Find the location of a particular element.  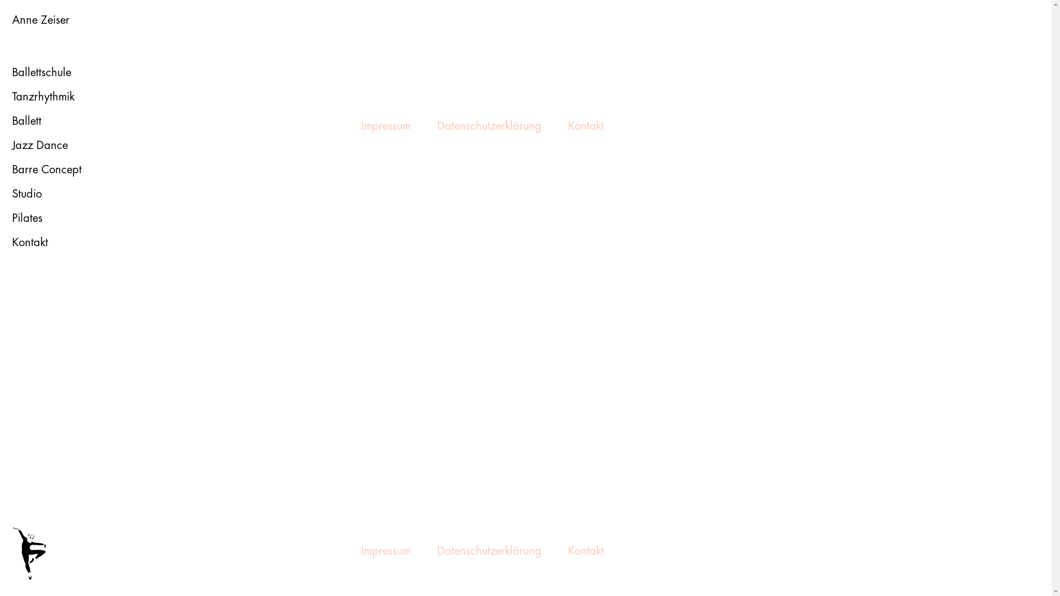

'Kontakt' is located at coordinates (585, 125).